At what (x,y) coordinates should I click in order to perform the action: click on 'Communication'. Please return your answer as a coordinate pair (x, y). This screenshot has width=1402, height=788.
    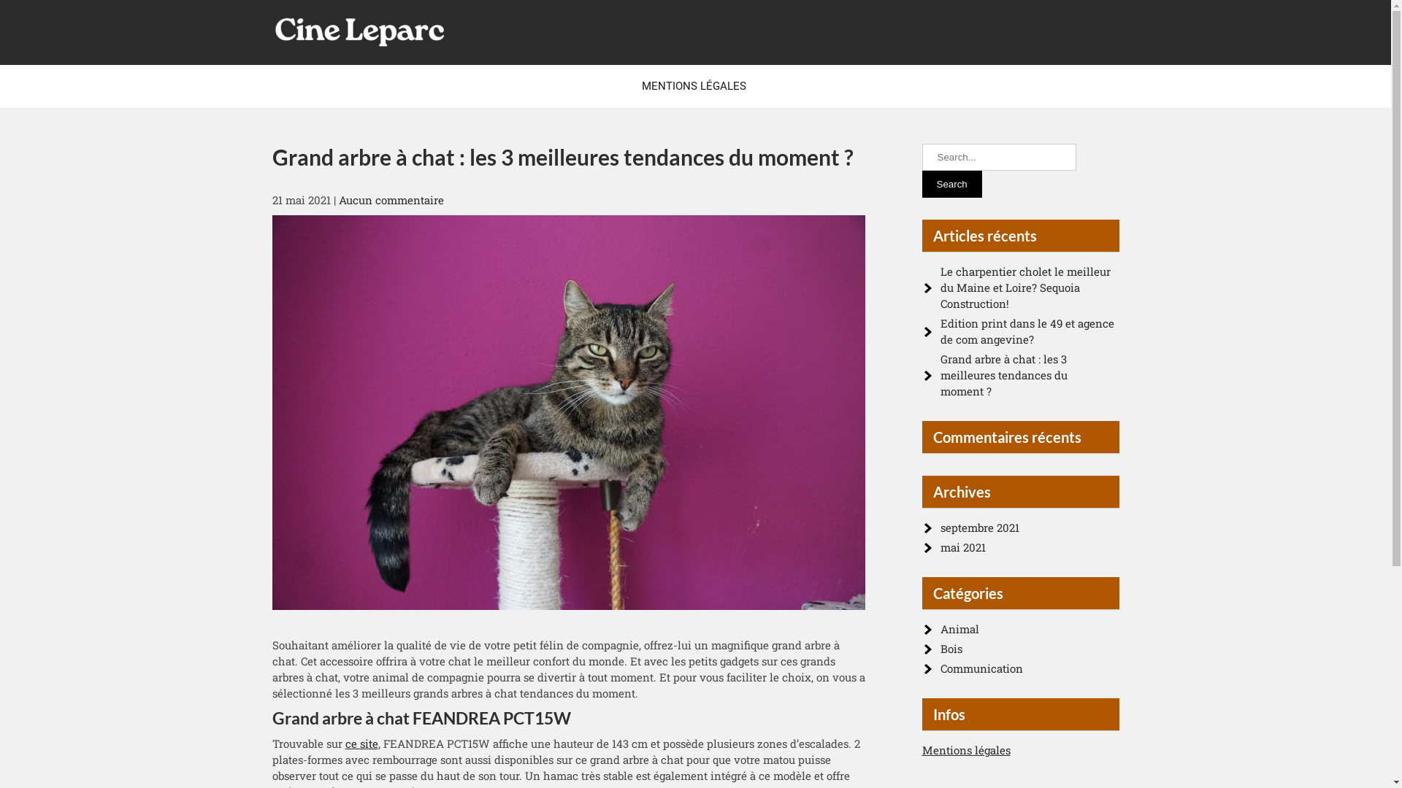
    Looking at the image, I should click on (981, 668).